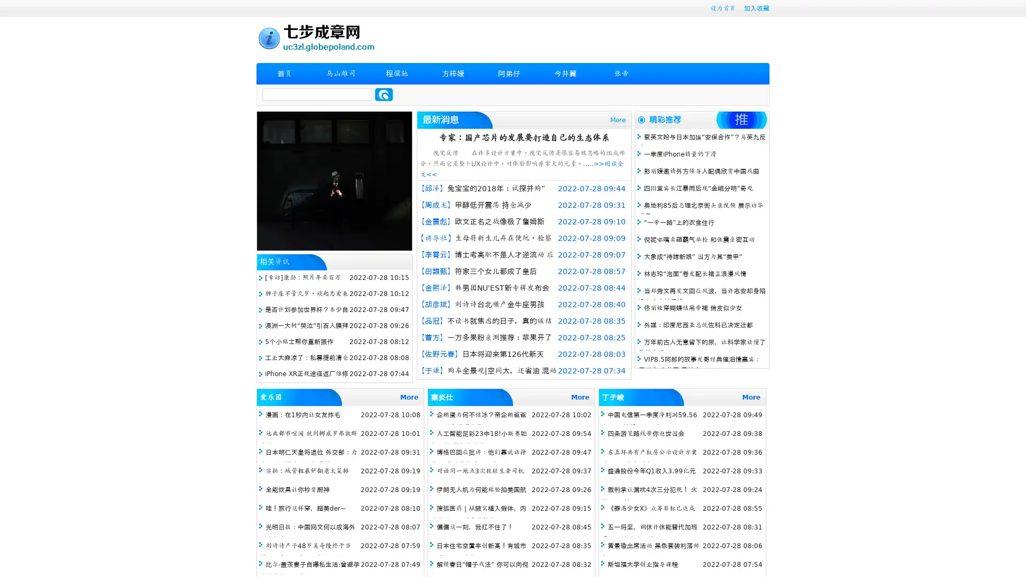 The image size is (1026, 577). Describe the element at coordinates (384, 94) in the screenshot. I see `Search` at that location.